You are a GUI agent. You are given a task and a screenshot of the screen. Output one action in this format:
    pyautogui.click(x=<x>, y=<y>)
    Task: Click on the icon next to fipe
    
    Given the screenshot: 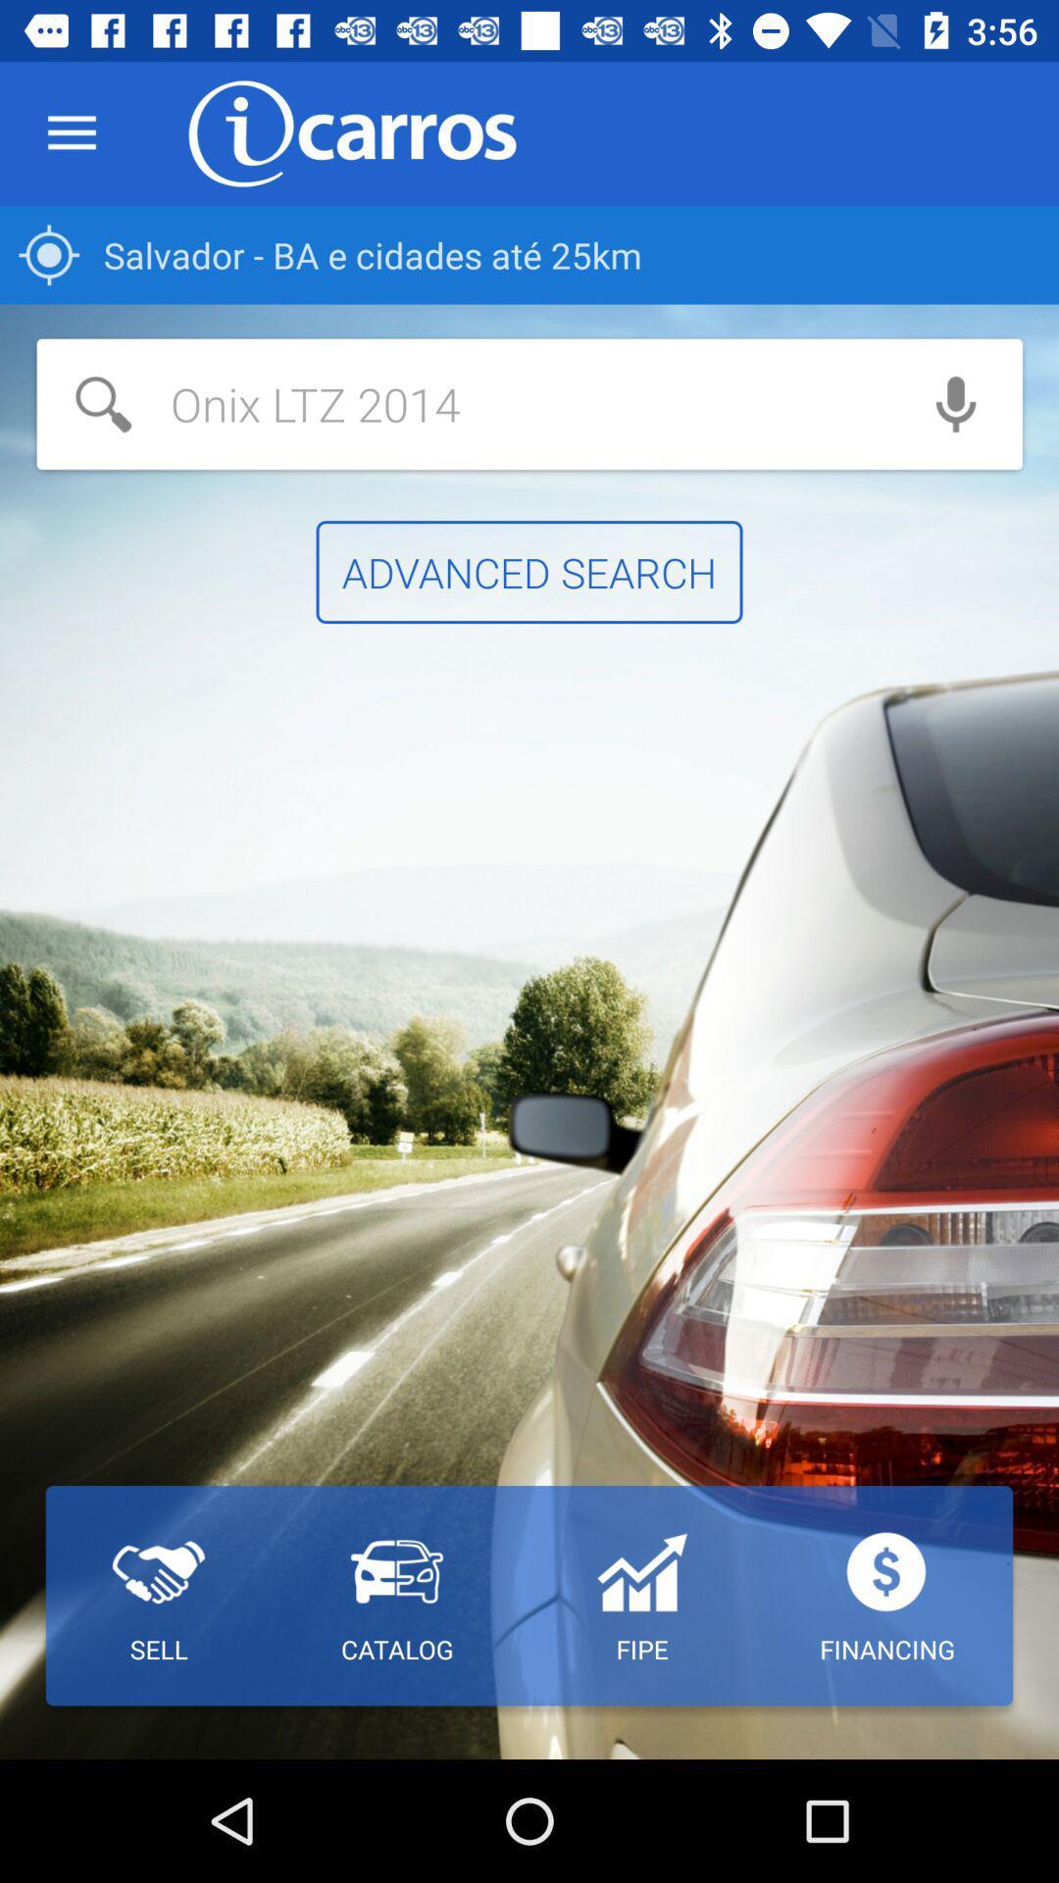 What is the action you would take?
    pyautogui.click(x=397, y=1596)
    